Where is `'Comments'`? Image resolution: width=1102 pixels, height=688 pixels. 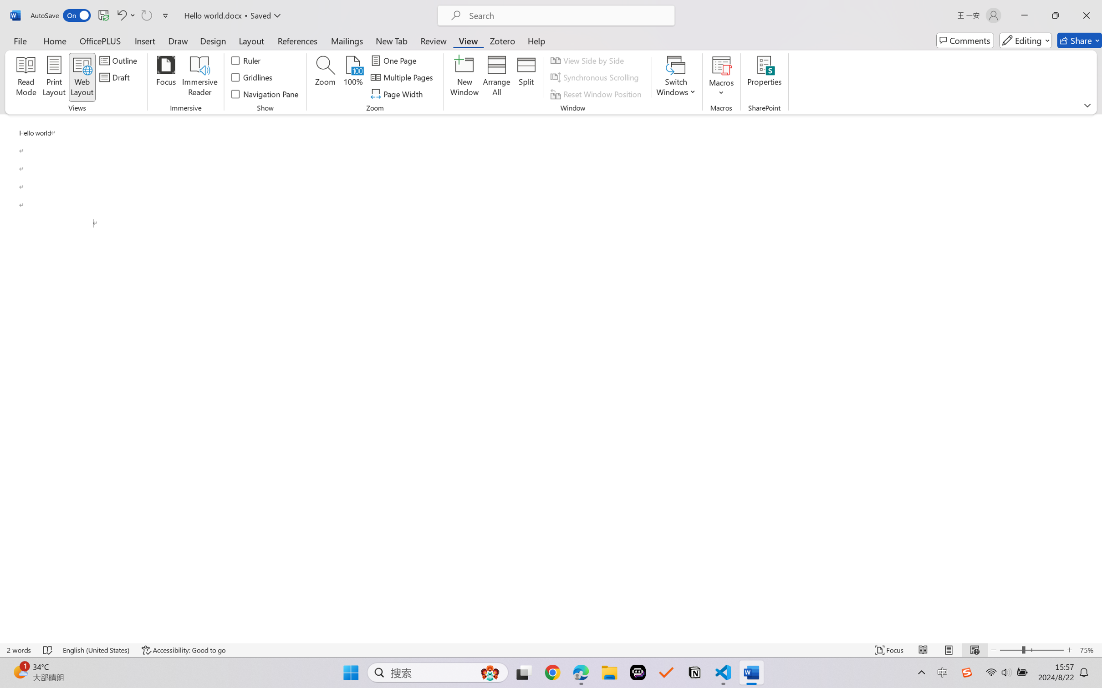 'Comments' is located at coordinates (964, 40).